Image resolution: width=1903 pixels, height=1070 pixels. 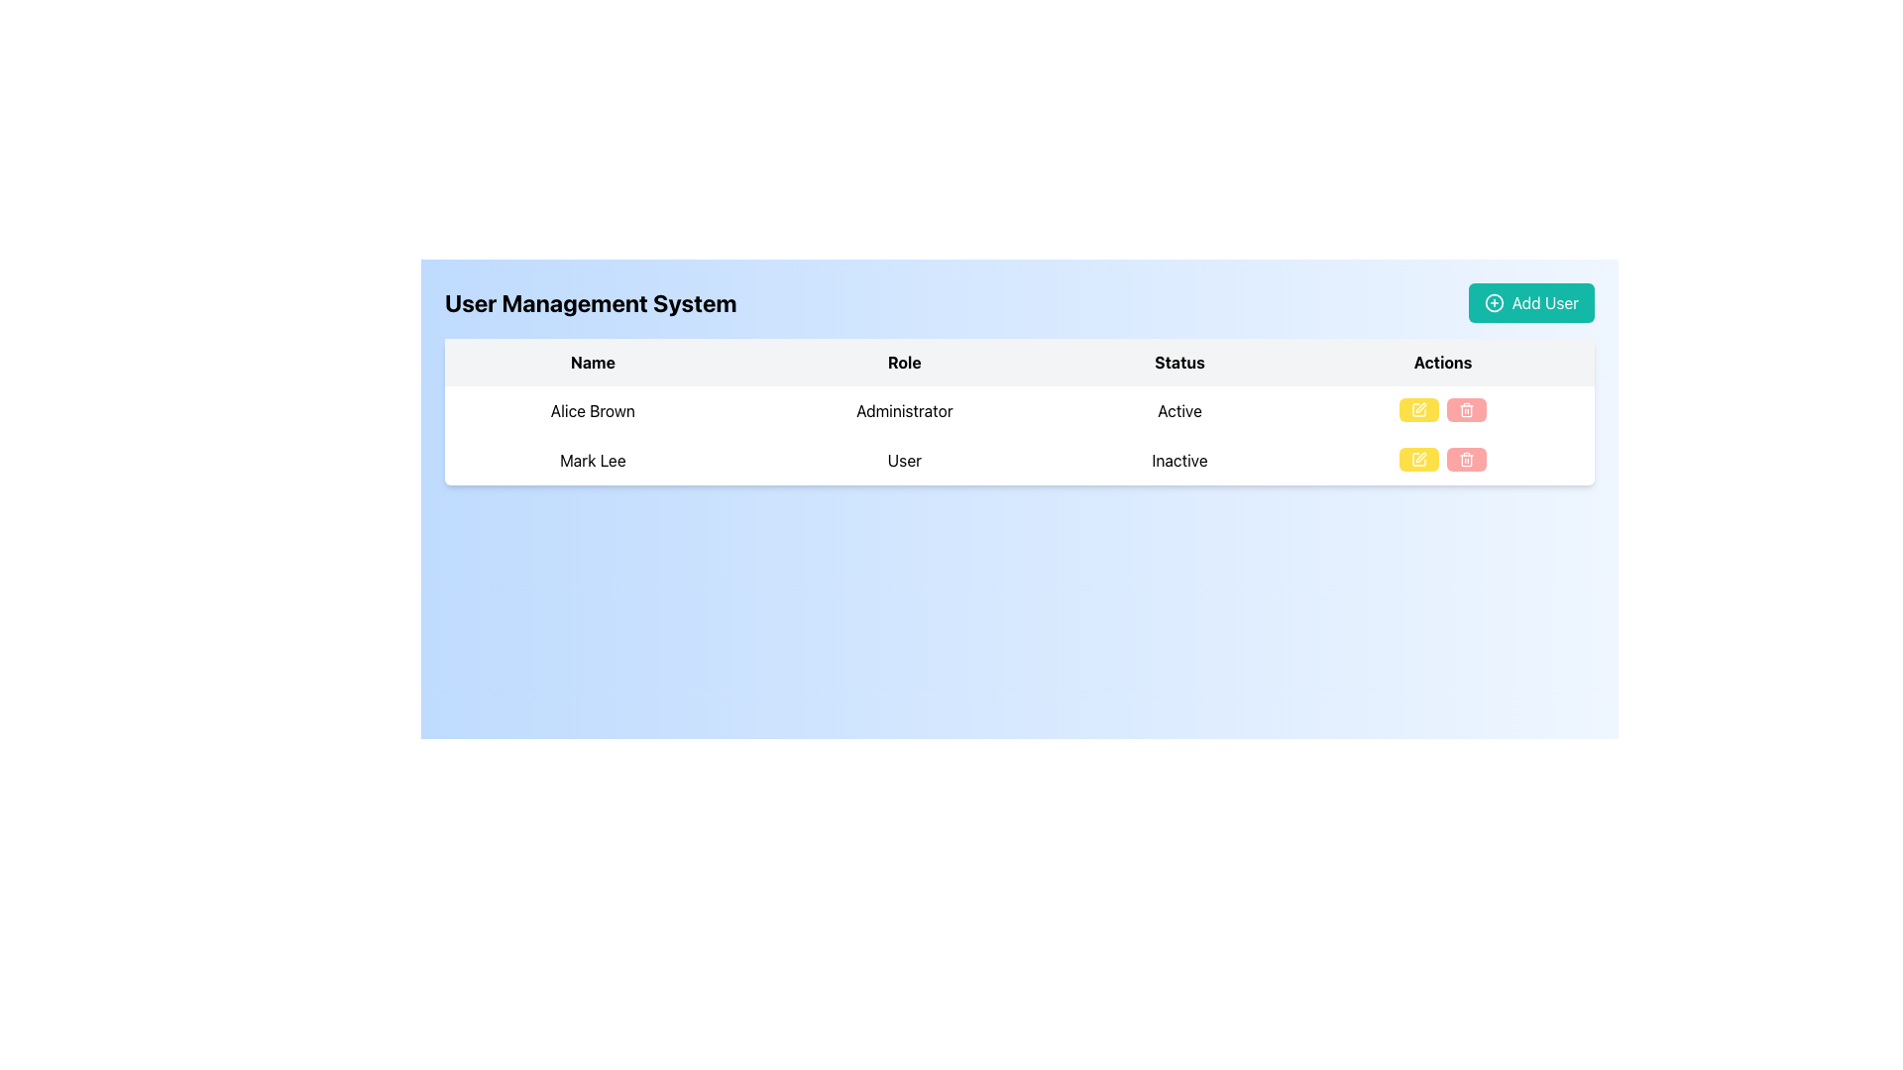 I want to click on the delete button located in the 'Actions' column of the 'User Management System' table, aligned with the 'Administrator' row, to initiate the delete action, so click(x=1466, y=408).